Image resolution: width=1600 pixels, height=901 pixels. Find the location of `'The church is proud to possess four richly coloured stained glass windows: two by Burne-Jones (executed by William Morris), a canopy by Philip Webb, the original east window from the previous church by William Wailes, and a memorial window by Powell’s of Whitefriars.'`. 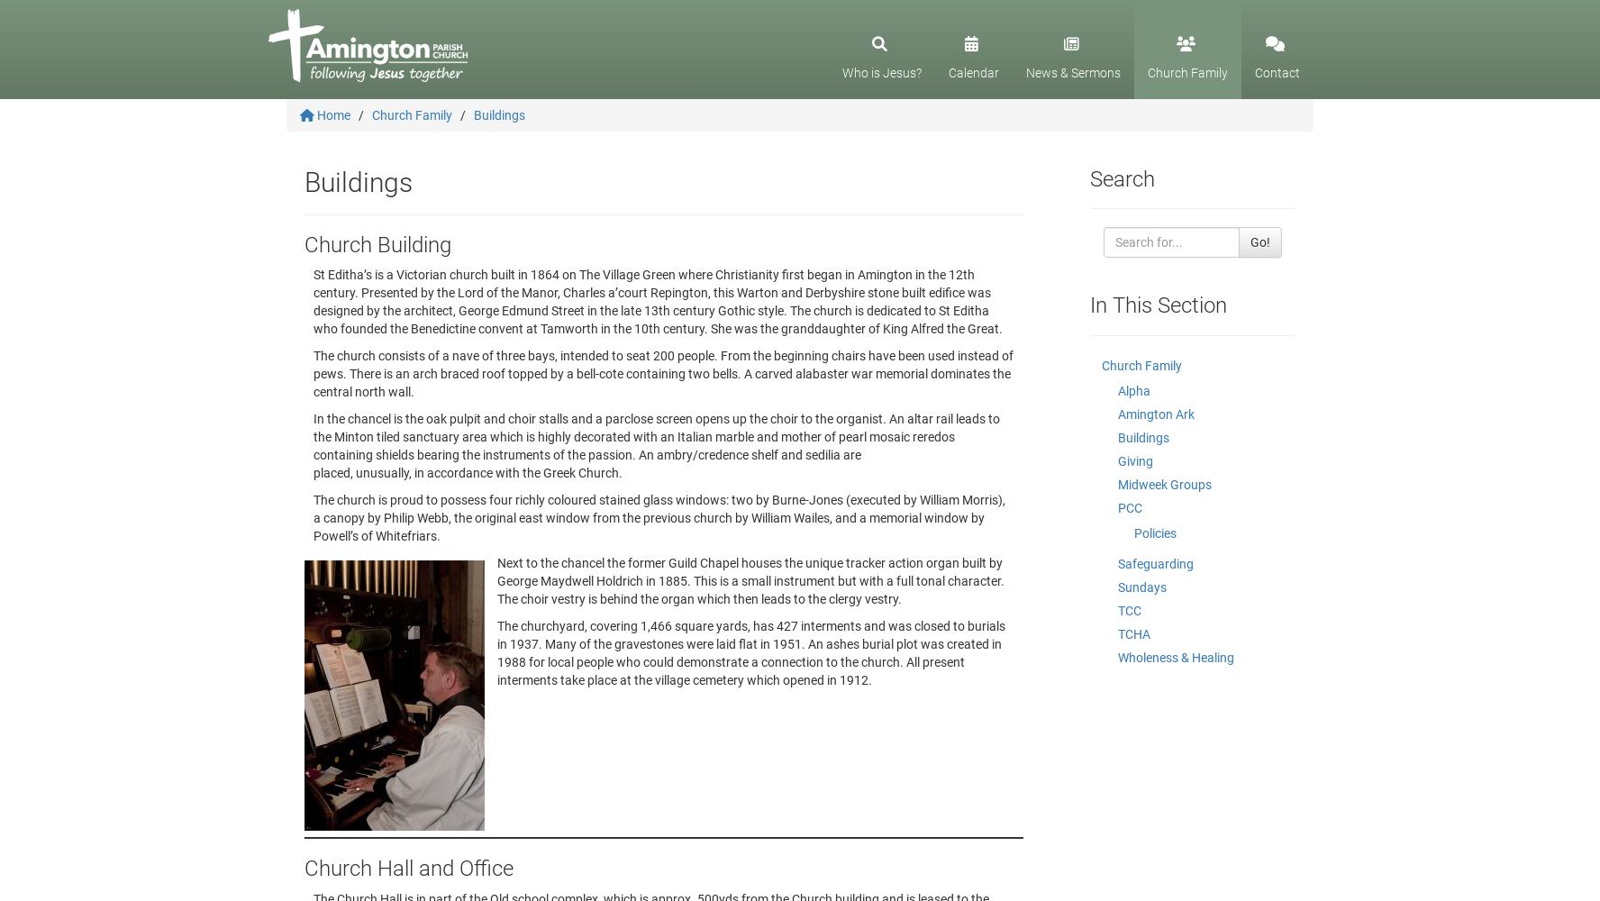

'The church is proud to possess four richly coloured stained glass windows: two by Burne-Jones (executed by William Morris), a canopy by Philip Webb, the original east window from the previous church by William Wailes, and a memorial window by Powell’s of Whitefriars.' is located at coordinates (312, 517).